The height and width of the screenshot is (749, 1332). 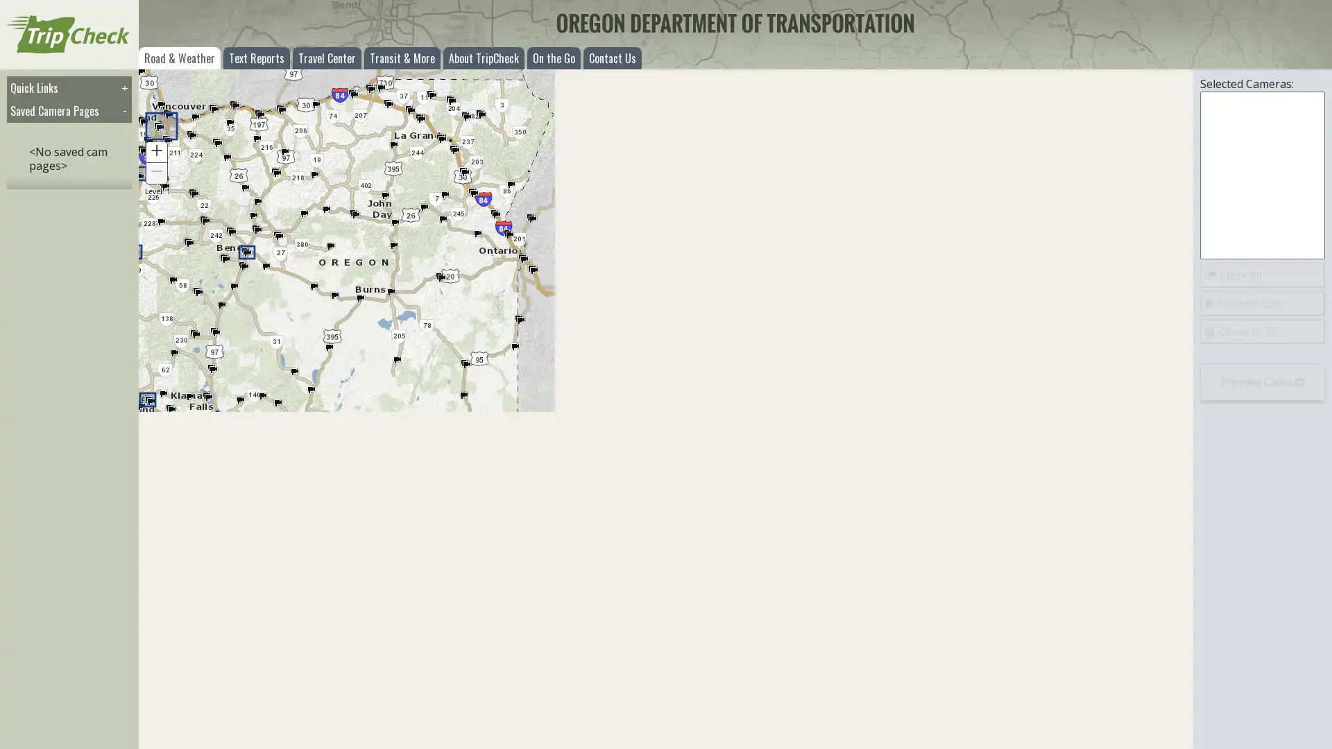 What do you see at coordinates (156, 152) in the screenshot?
I see `Zoom In` at bounding box center [156, 152].